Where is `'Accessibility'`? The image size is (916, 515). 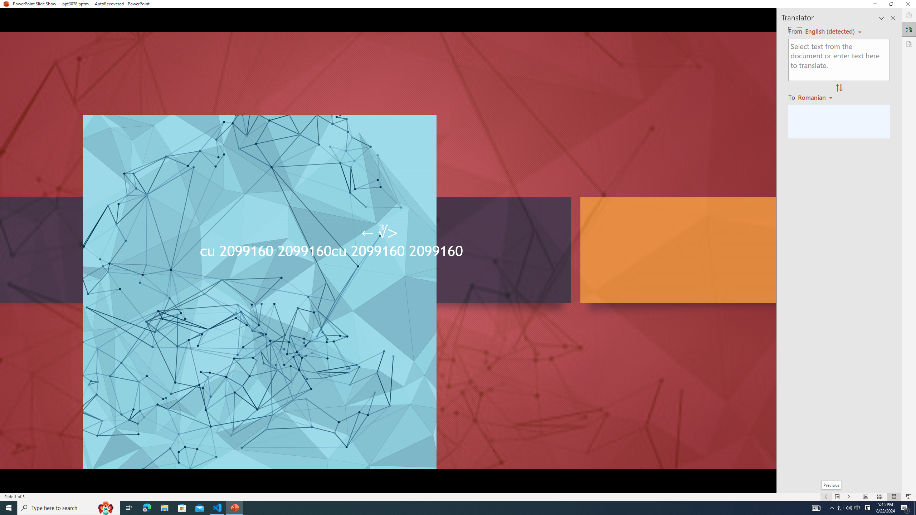
'Accessibility' is located at coordinates (908, 44).